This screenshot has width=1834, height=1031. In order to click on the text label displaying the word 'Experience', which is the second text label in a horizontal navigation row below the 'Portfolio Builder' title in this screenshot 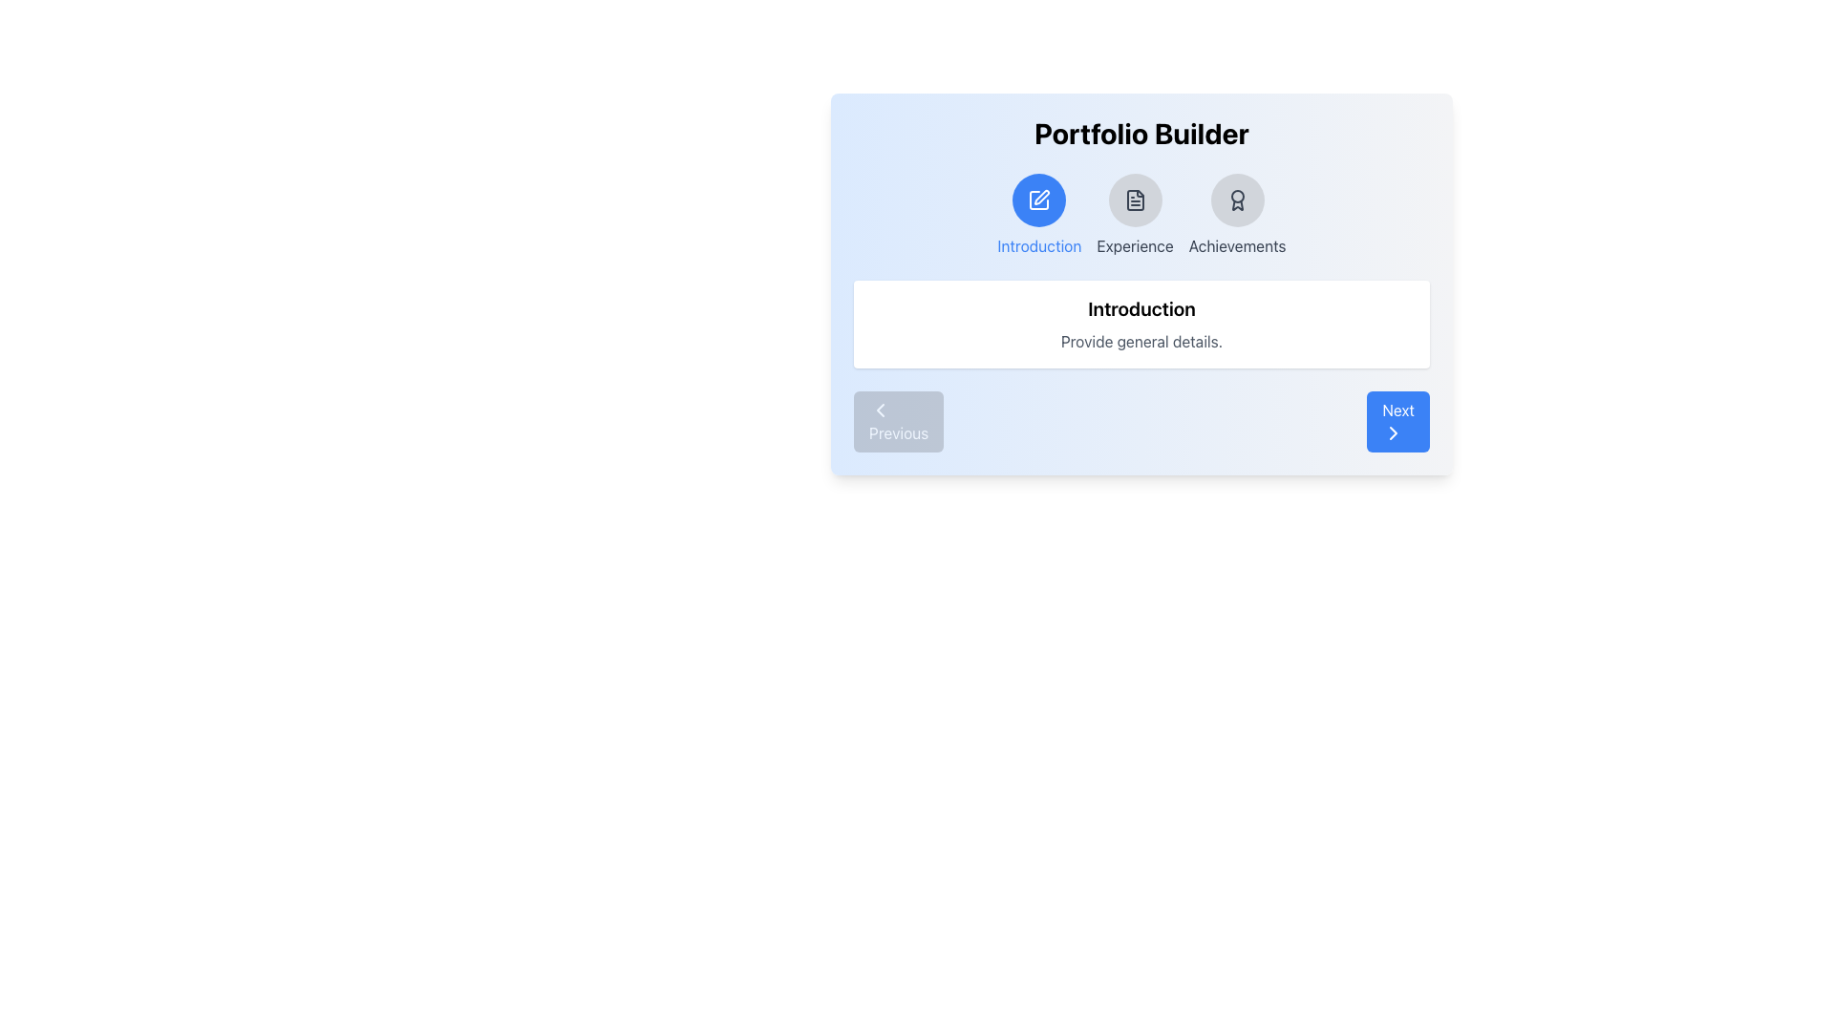, I will do `click(1135, 245)`.